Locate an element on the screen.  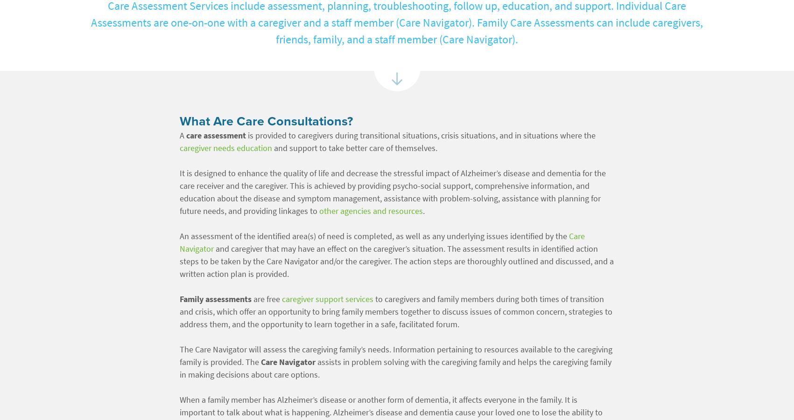
'and caregiver that may have an effect on the caregiver’s situation. The assessment results in identified action steps to be taken by the Care Navigator and/or the caregiver. The action steps are thoroughly outlined and discussed, and a written action plan is provided.' is located at coordinates (178, 261).